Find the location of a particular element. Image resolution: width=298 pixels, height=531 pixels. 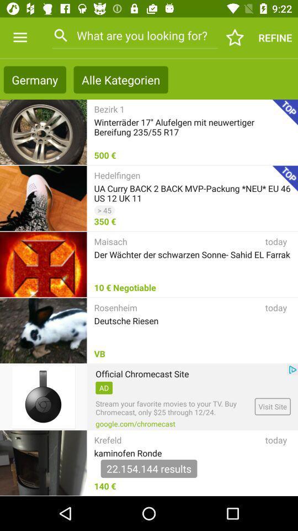

official chromecast site icon is located at coordinates (142, 373).